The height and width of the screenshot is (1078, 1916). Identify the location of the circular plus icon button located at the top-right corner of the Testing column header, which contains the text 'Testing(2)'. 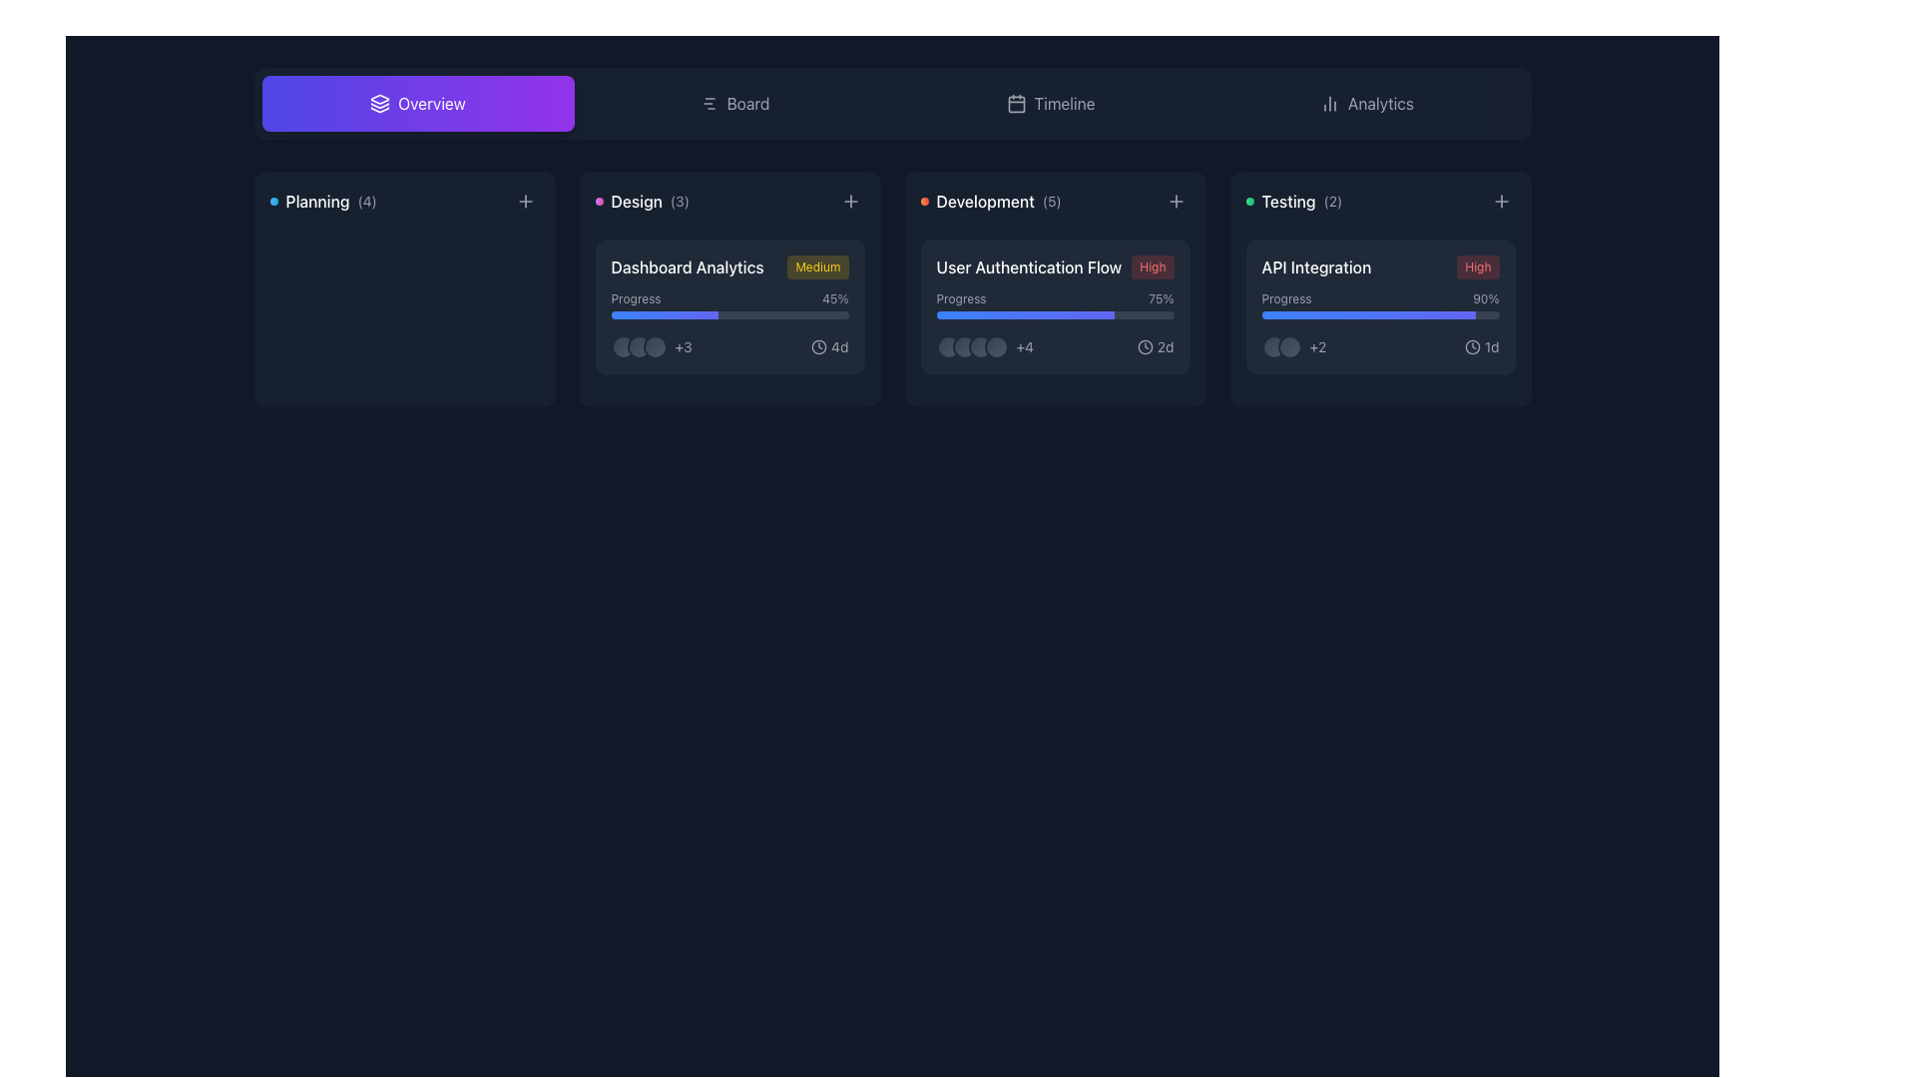
(1501, 201).